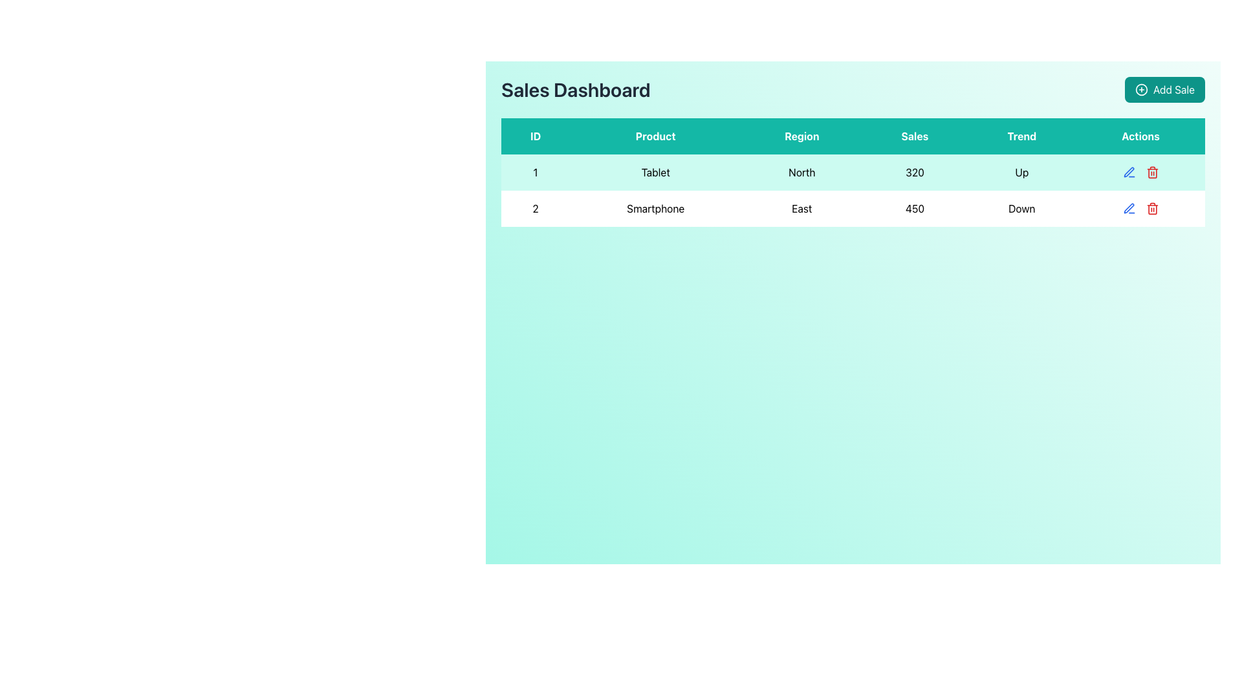  What do you see at coordinates (1164, 89) in the screenshot?
I see `the button that allows users to add a new sale entry to the dashboard` at bounding box center [1164, 89].